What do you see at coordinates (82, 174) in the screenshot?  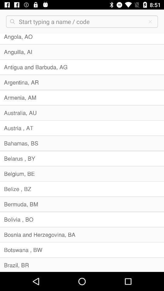 I see `belgium, be item` at bounding box center [82, 174].